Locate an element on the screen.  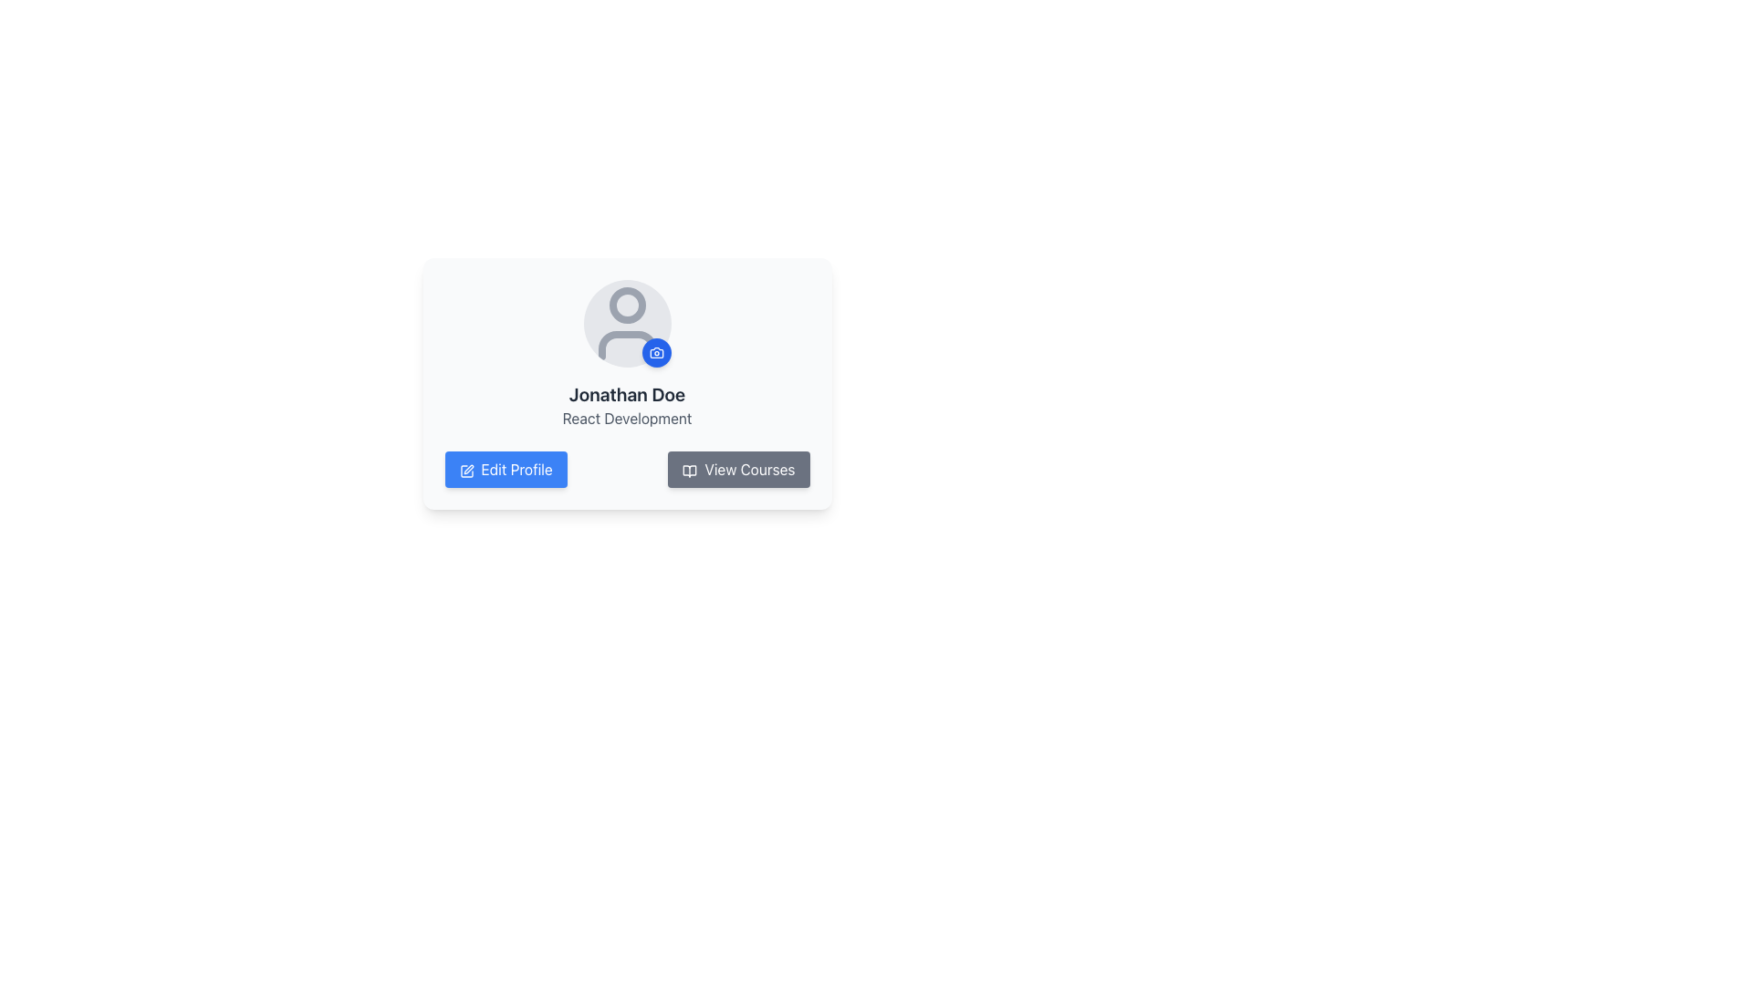
the text label displaying 'Jonathan Doe', which is styled in a bold and larger font, positioned below a circular avatar icon and above the smaller text 'React Development' is located at coordinates (627, 393).